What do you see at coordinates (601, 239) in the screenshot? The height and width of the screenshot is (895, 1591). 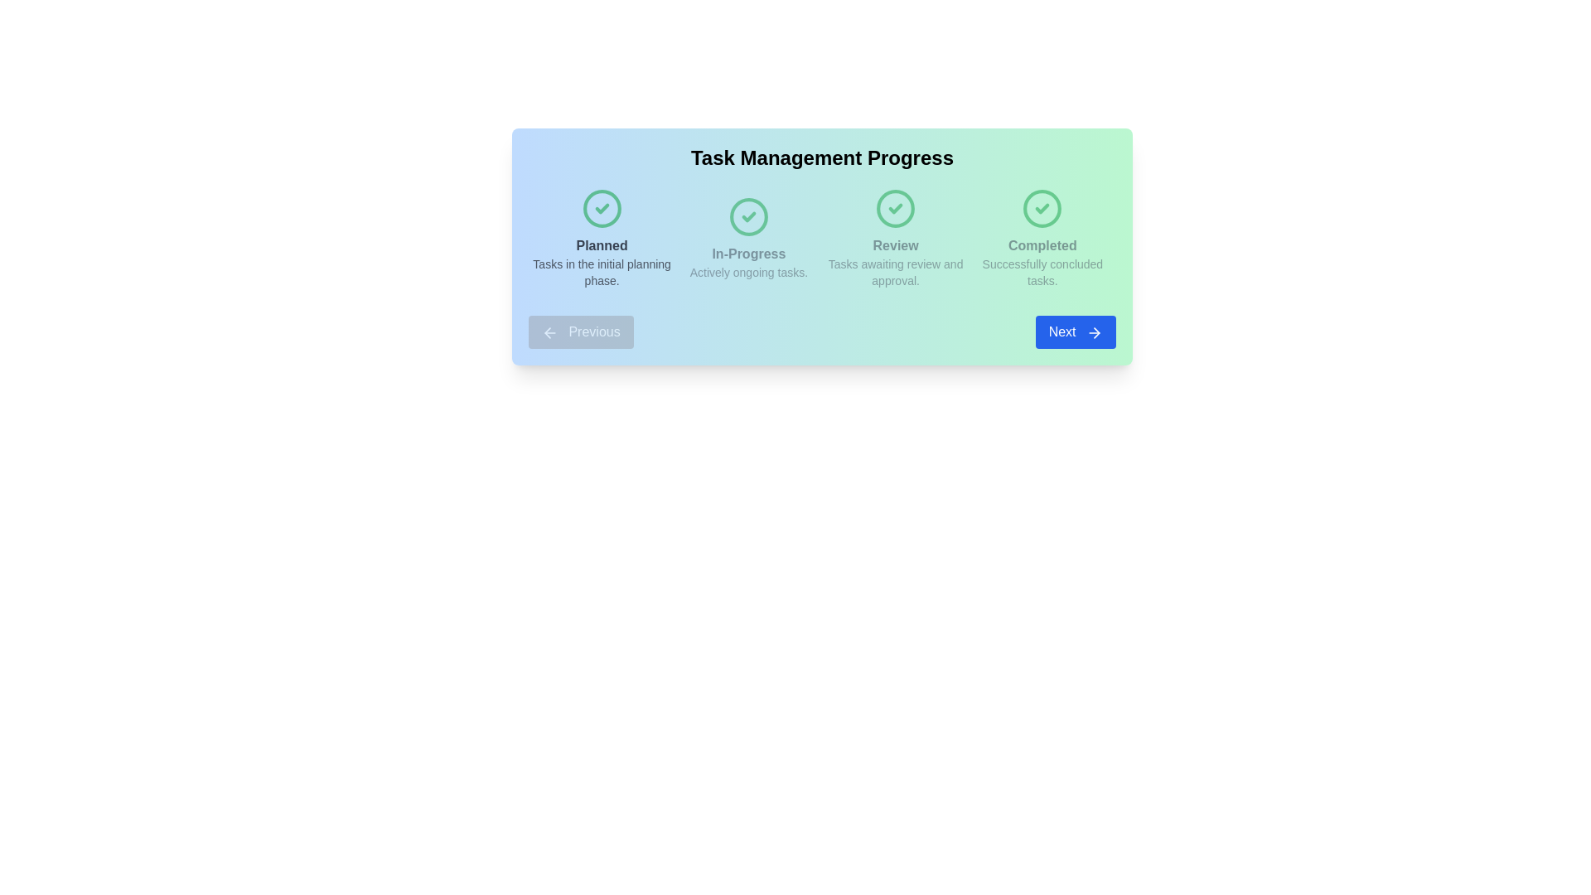 I see `the stage corresponding to Planned` at bounding box center [601, 239].